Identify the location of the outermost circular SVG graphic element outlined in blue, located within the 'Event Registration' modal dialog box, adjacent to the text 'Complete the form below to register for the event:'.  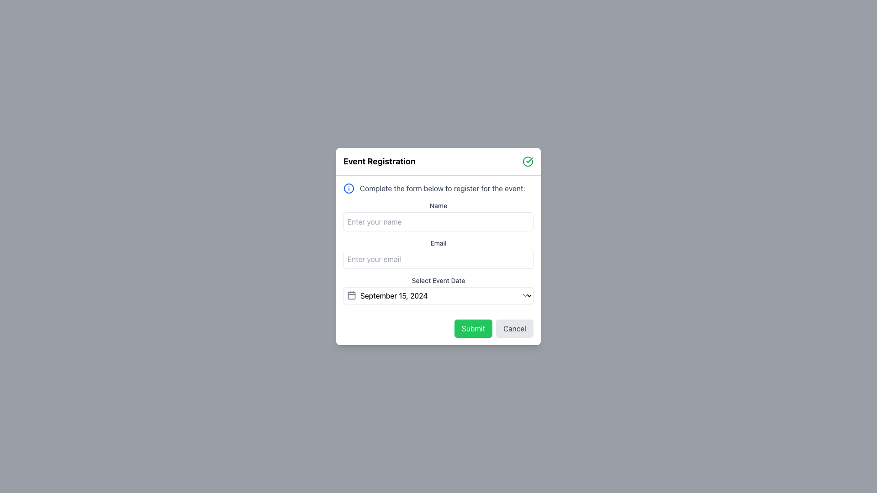
(348, 188).